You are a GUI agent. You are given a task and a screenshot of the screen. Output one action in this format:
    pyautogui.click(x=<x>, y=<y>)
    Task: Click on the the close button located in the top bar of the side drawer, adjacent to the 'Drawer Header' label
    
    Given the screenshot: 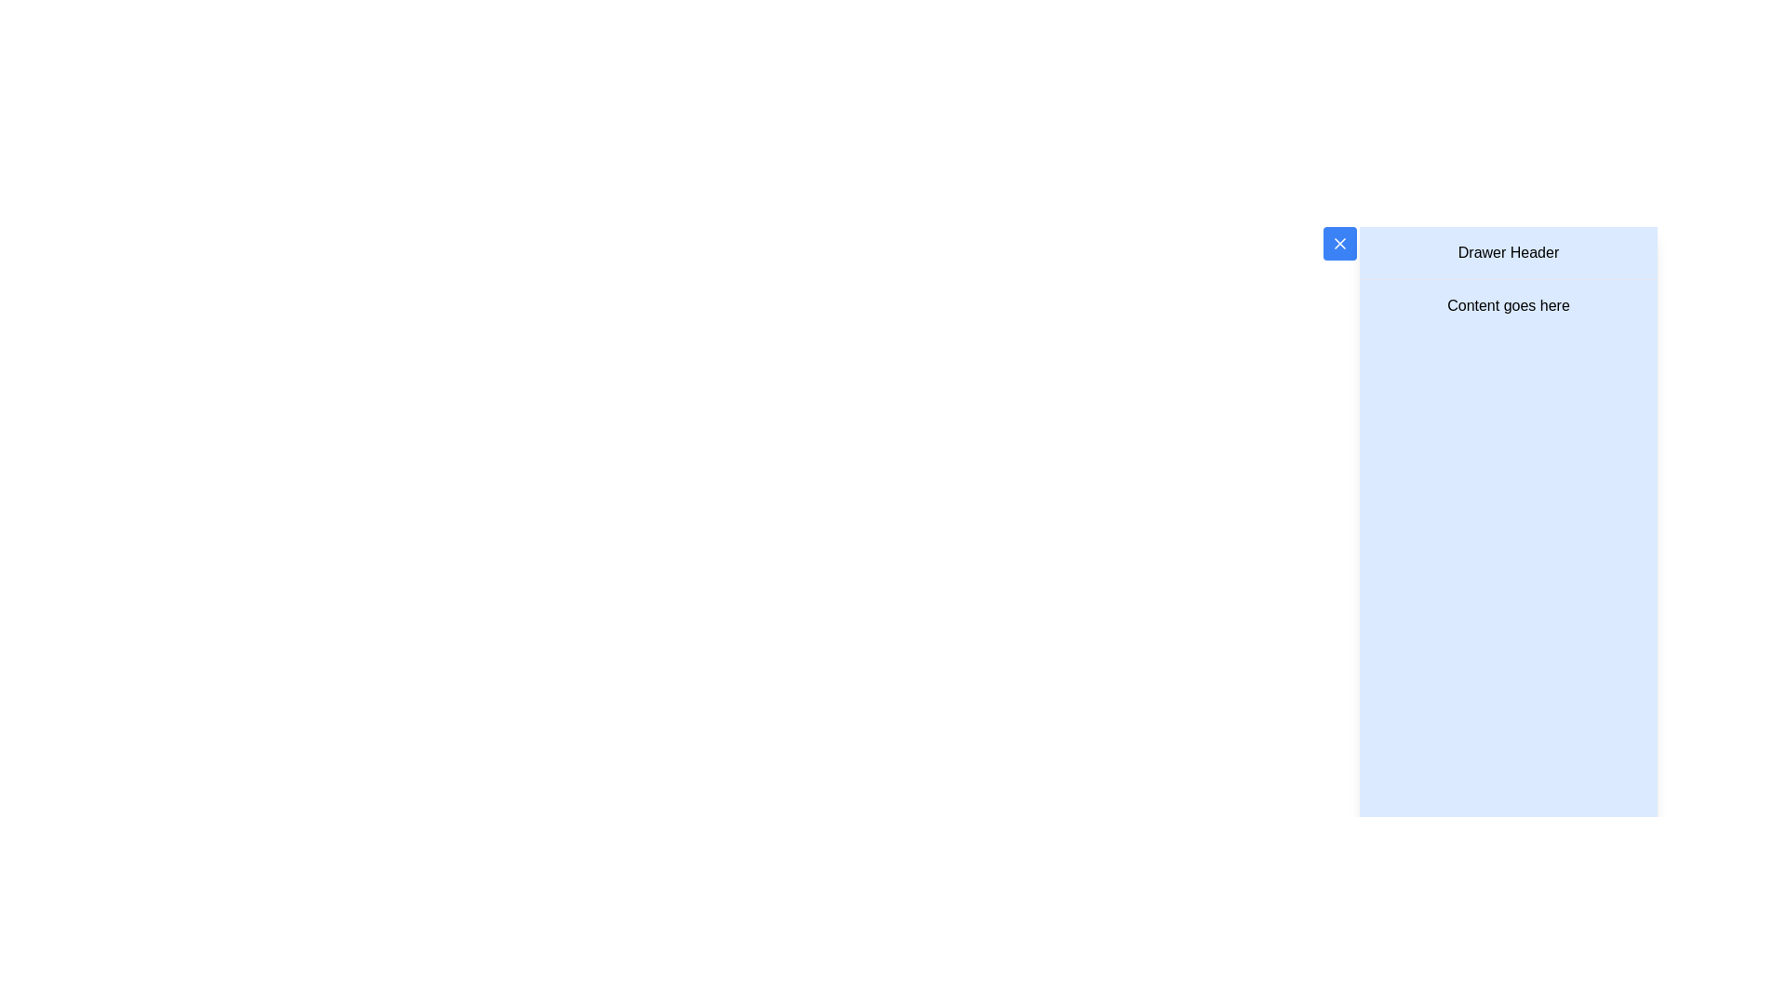 What is the action you would take?
    pyautogui.click(x=1338, y=243)
    